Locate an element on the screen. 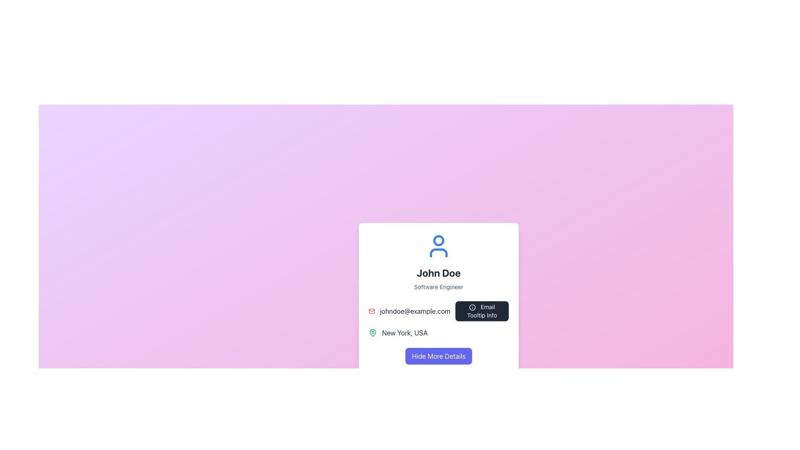 The width and height of the screenshot is (800, 450). the location marker icon represented as an SVG graphic adjacent to the textual address 'New York, USA' is located at coordinates (372, 332).